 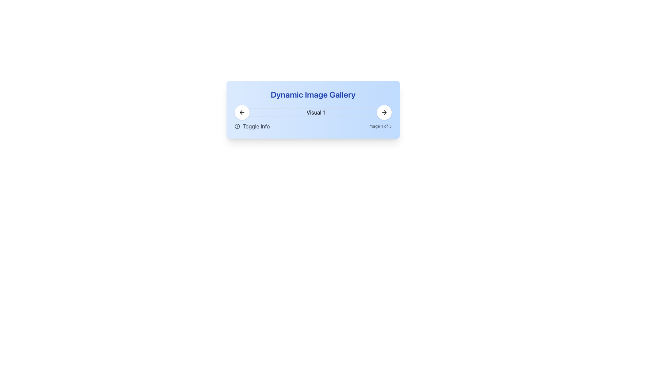 What do you see at coordinates (384, 112) in the screenshot?
I see `the navigation button located on the far right of the image gallery` at bounding box center [384, 112].